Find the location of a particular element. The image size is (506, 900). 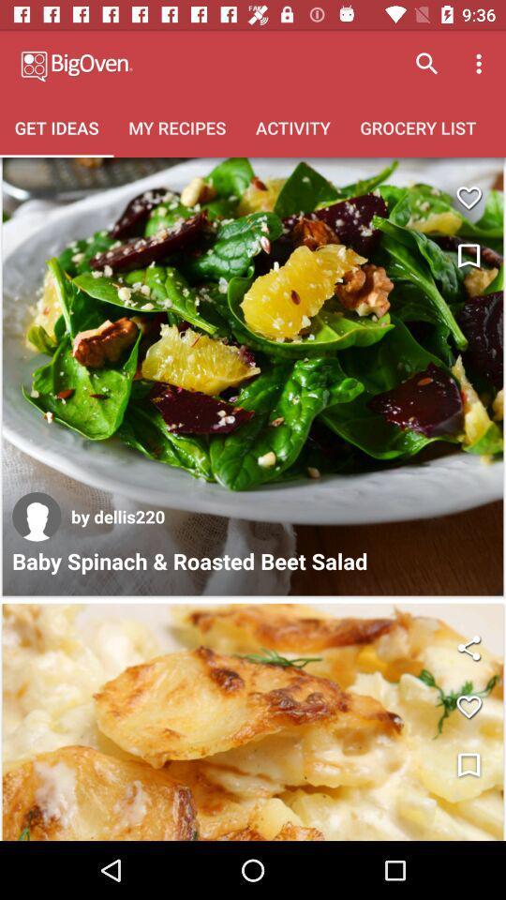

favorite is located at coordinates (468, 198).